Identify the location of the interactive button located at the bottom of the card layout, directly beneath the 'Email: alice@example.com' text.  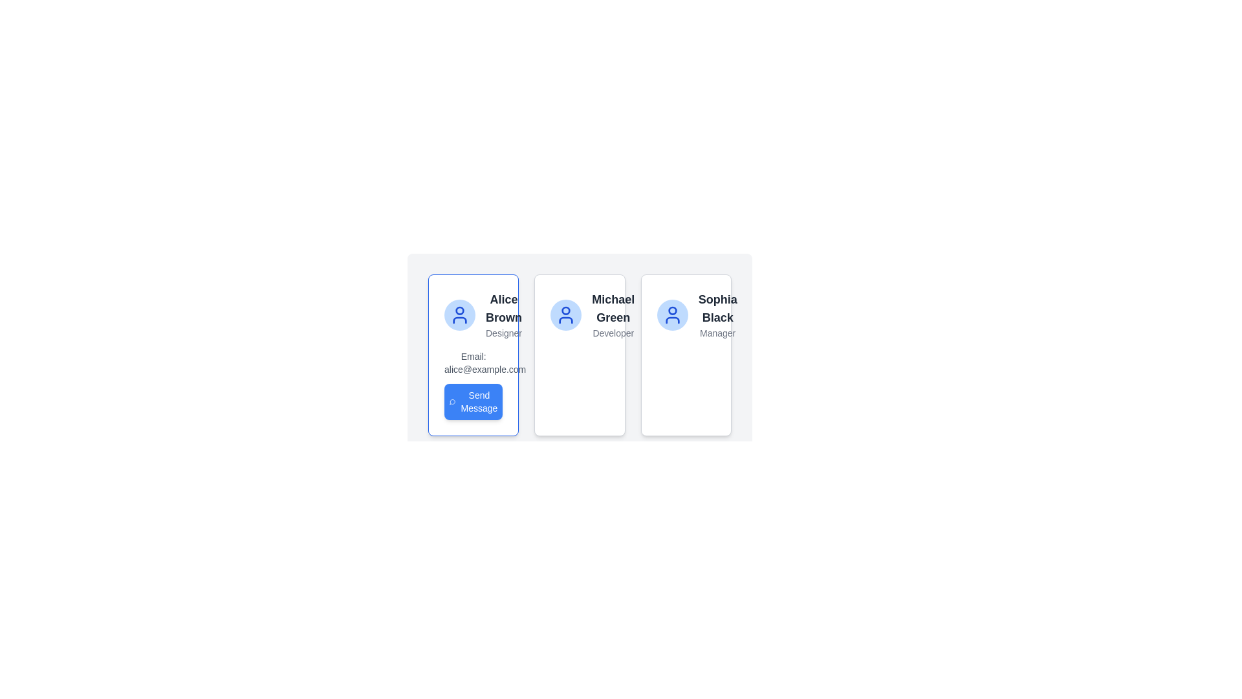
(473, 401).